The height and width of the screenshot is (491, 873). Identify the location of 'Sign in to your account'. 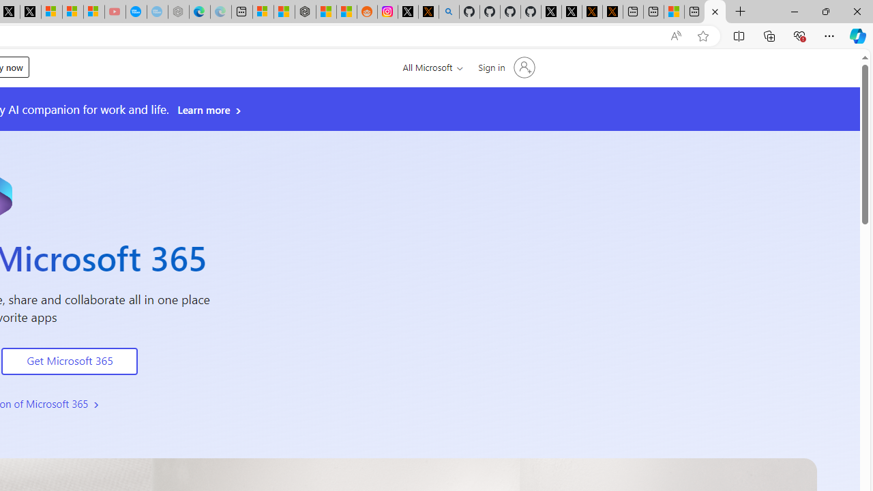
(505, 68).